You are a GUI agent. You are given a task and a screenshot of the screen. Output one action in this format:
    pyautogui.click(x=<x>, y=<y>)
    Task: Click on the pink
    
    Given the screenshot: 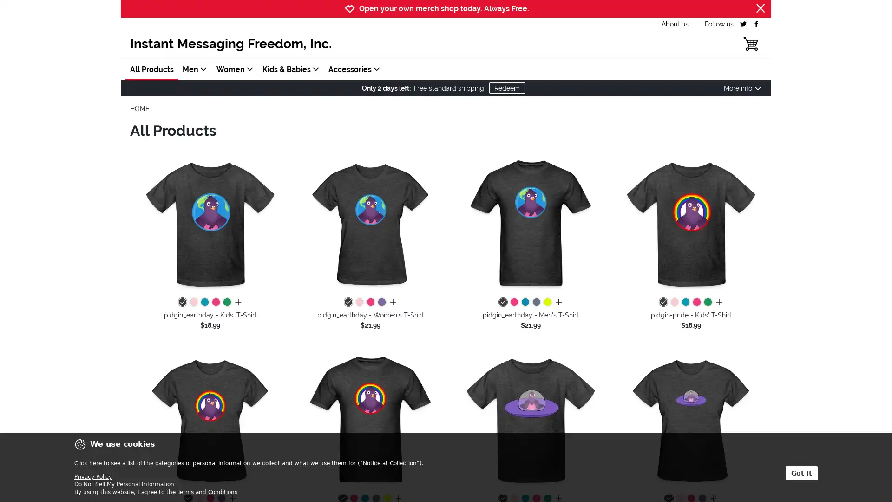 What is the action you would take?
    pyautogui.click(x=193, y=303)
    